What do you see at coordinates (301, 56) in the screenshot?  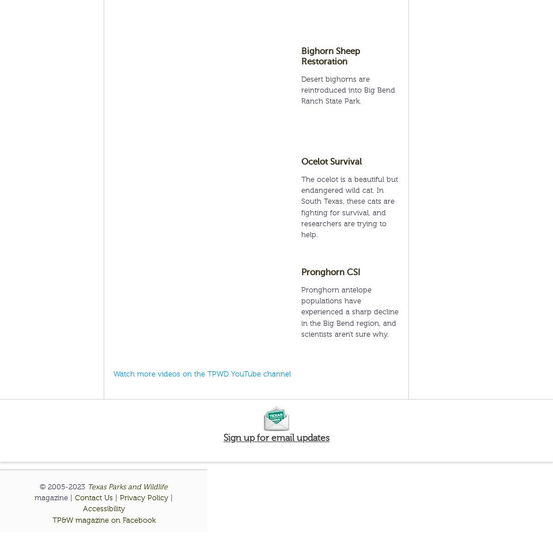 I see `'Bighorn Sheep Restoration'` at bounding box center [301, 56].